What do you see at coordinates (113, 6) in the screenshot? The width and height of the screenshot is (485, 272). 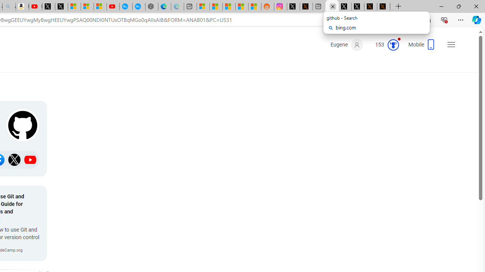 I see `'Gloom - YouTube'` at bounding box center [113, 6].